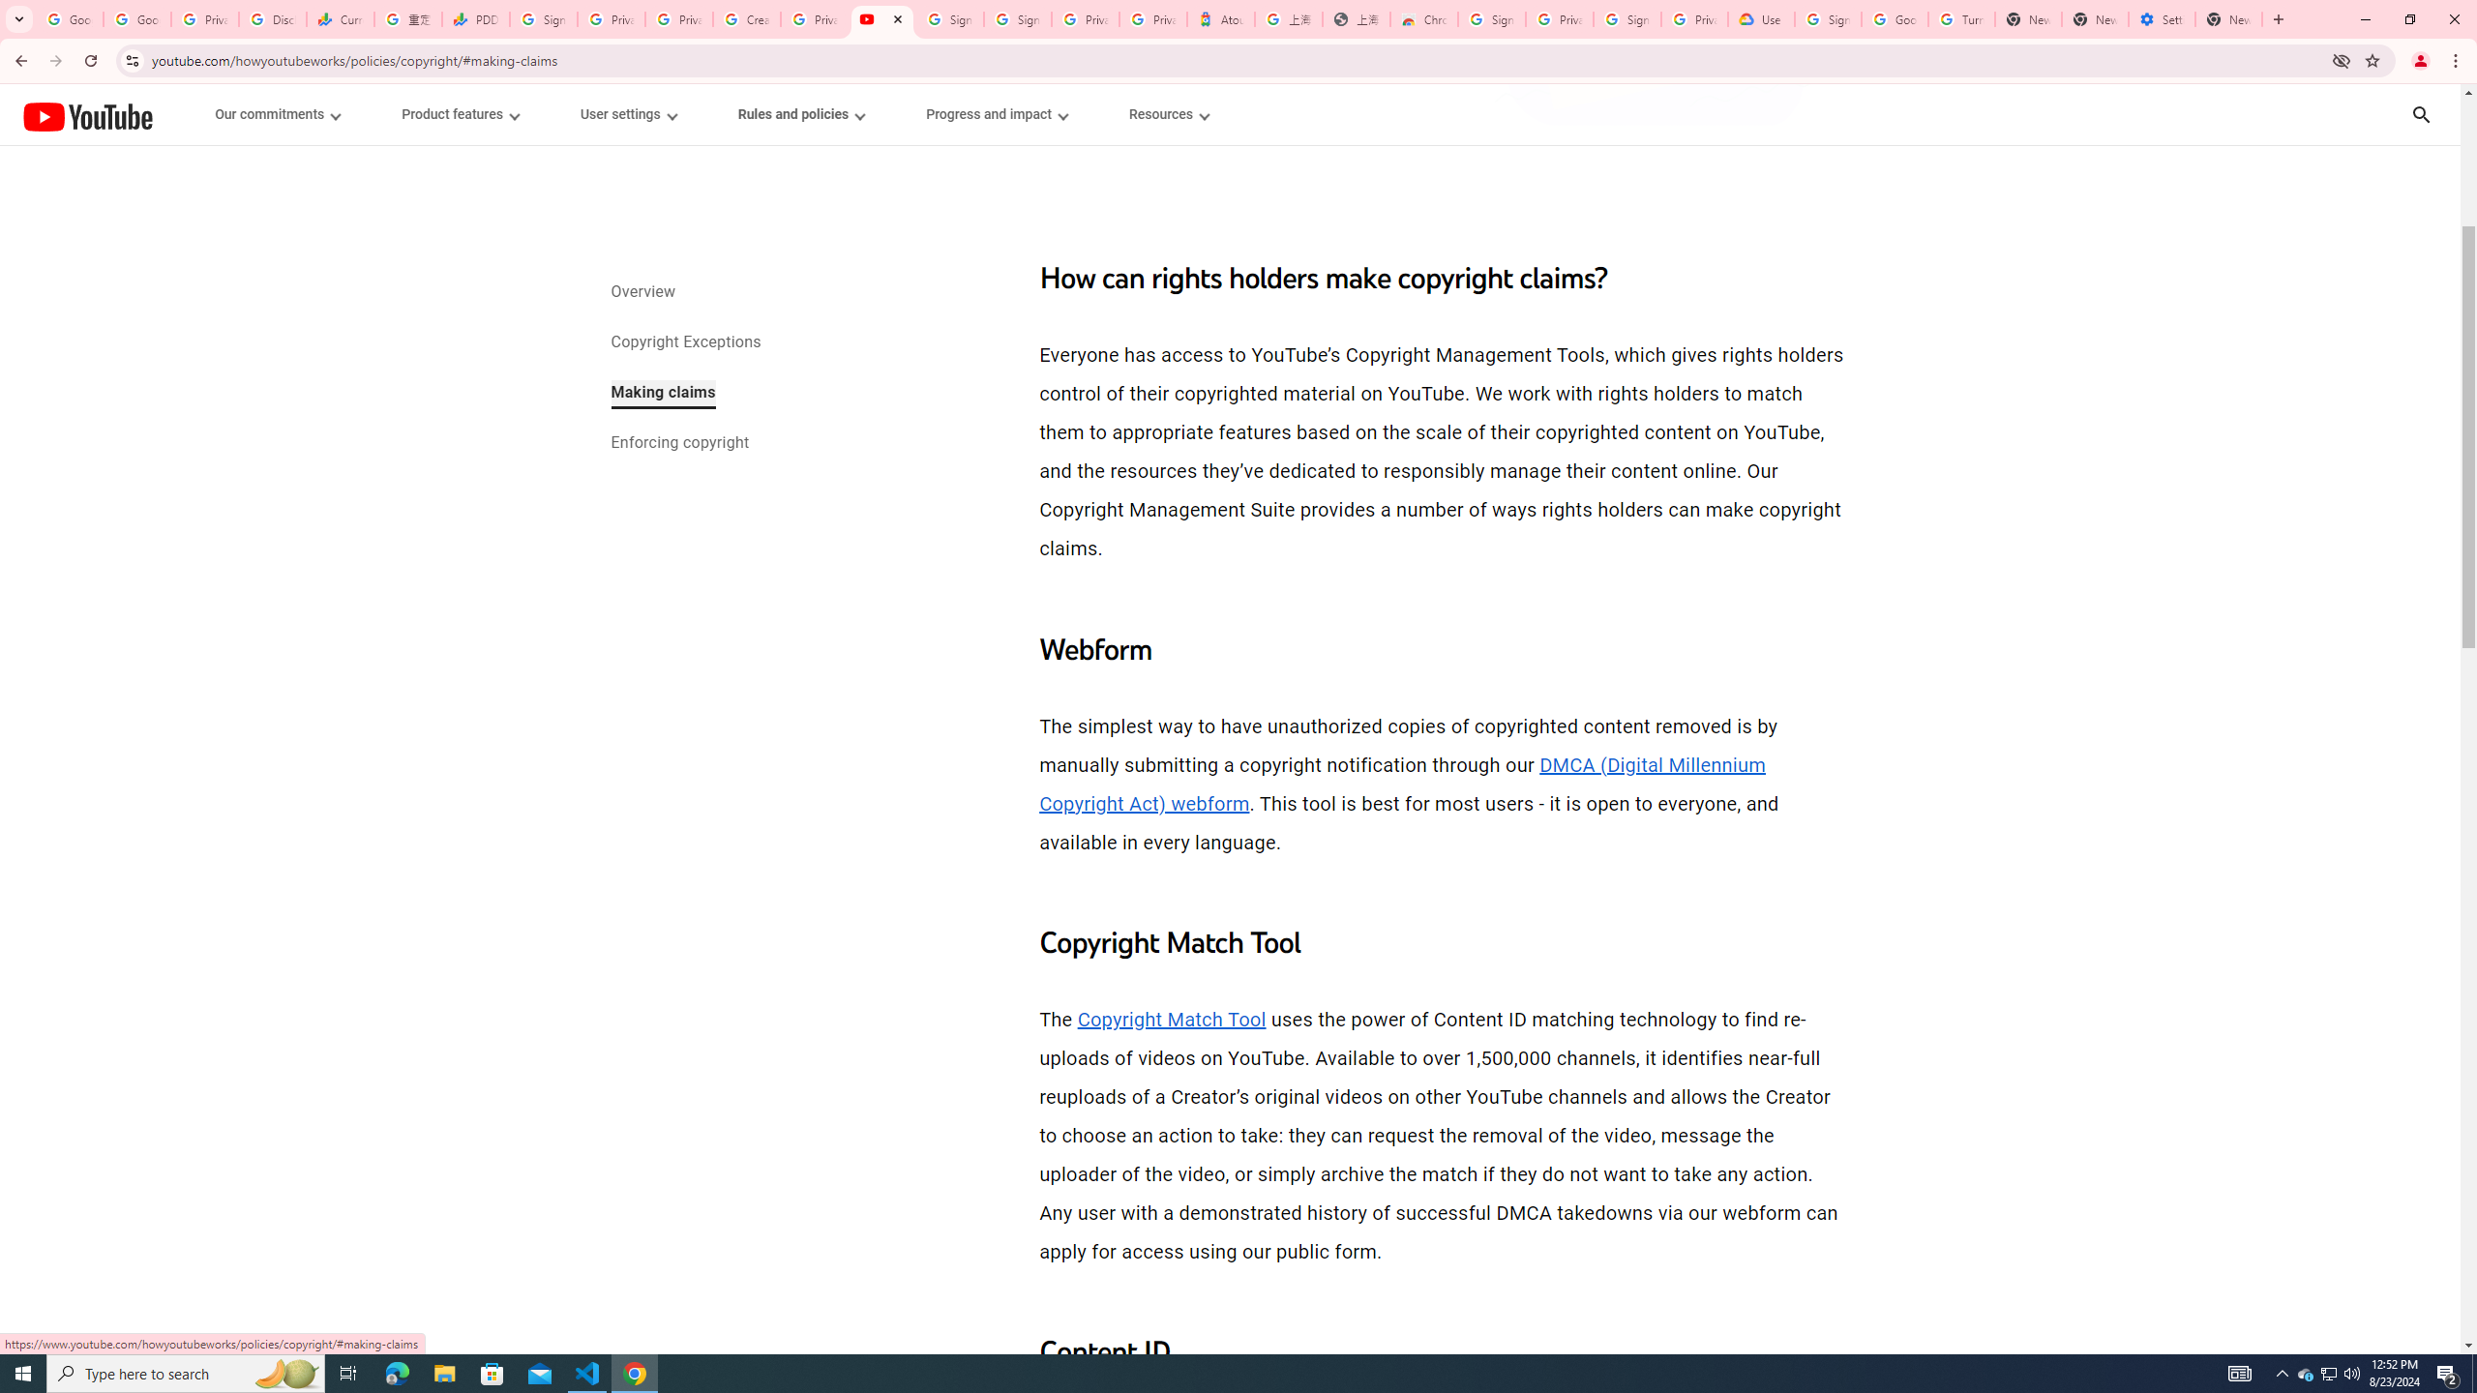 The width and height of the screenshot is (2477, 1393). What do you see at coordinates (279, 114) in the screenshot?
I see `'Our commitments menupopup'` at bounding box center [279, 114].